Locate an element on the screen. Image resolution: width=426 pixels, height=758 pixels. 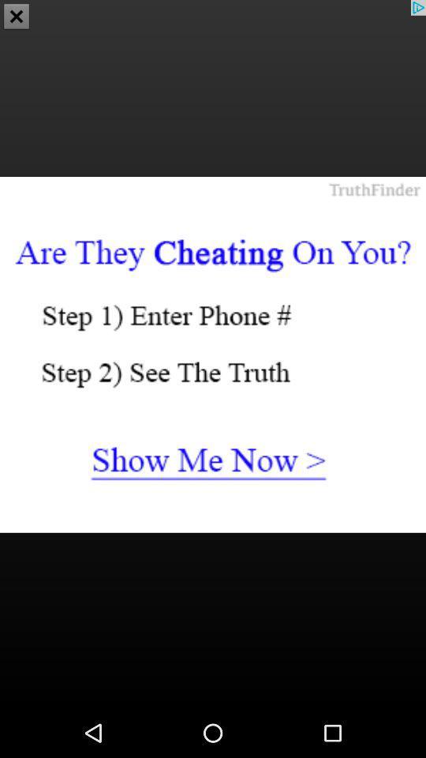
the close icon is located at coordinates (16, 17).